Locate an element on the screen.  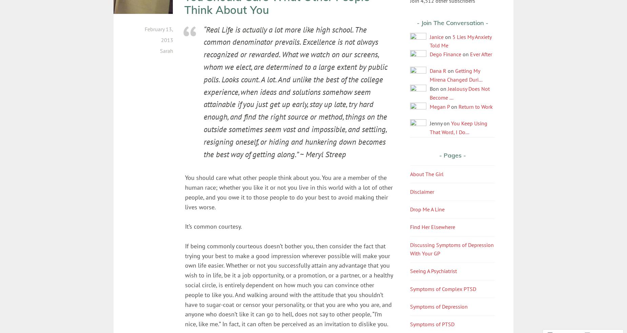
'Sarah' is located at coordinates (166, 50).